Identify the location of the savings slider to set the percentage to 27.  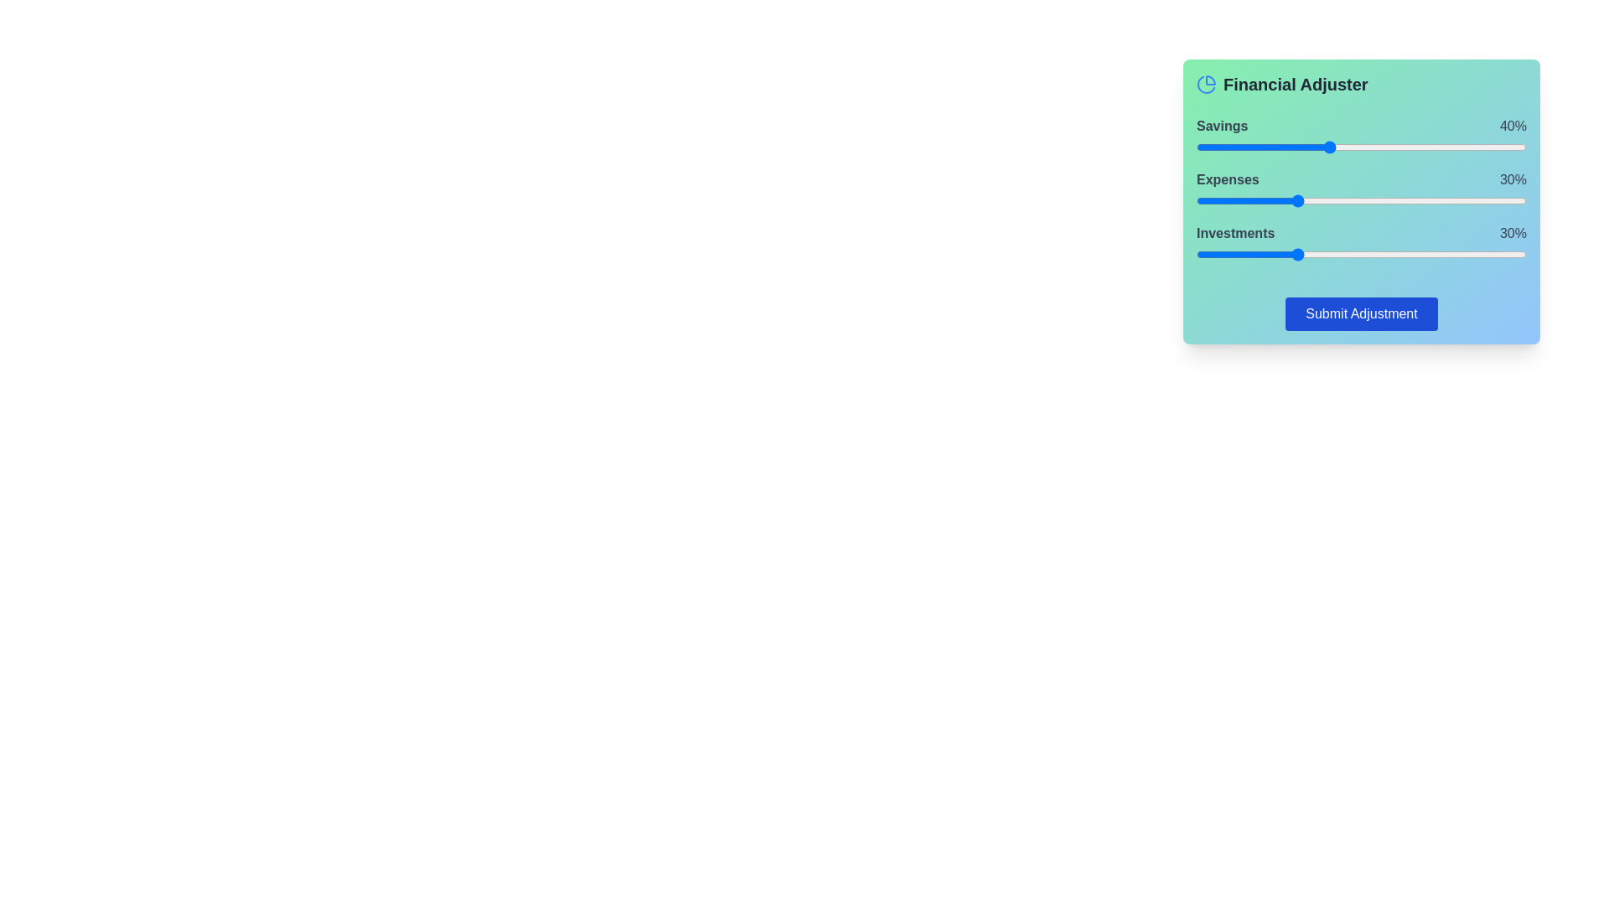
(1285, 147).